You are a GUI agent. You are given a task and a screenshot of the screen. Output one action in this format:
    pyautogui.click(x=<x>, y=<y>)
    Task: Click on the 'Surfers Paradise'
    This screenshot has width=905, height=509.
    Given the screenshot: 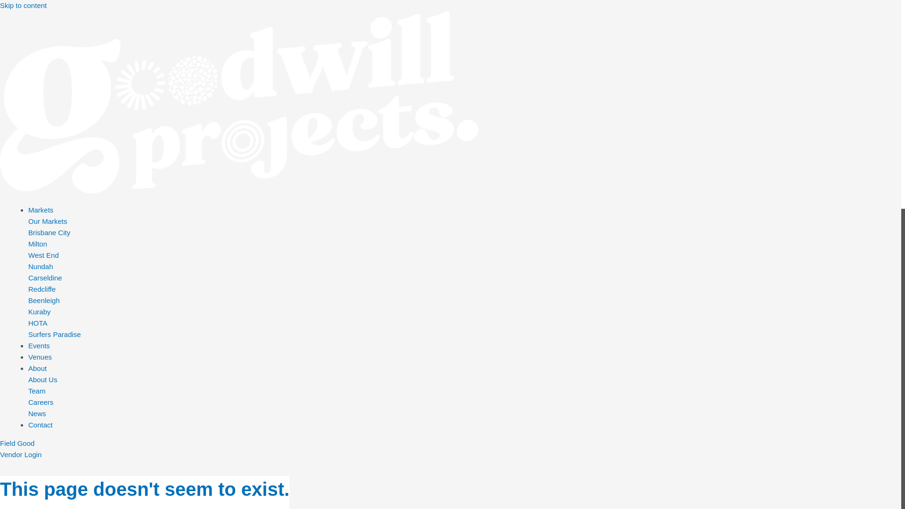 What is the action you would take?
    pyautogui.click(x=54, y=334)
    